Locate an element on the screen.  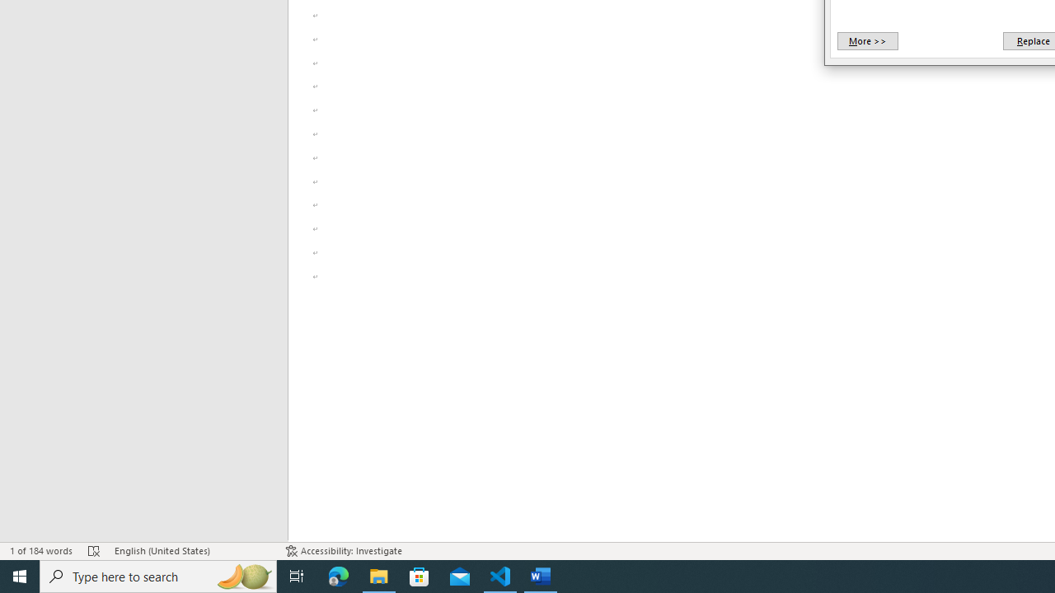
'Visual Studio Code - 1 running window' is located at coordinates (499, 575).